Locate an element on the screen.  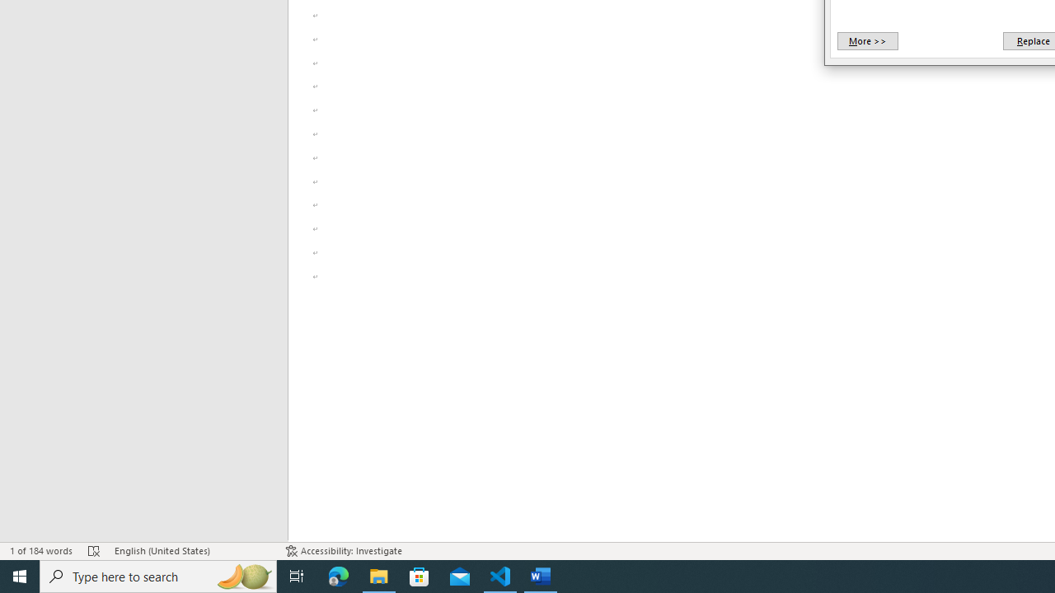
'Visual Studio Code - 1 running window' is located at coordinates (499, 575).